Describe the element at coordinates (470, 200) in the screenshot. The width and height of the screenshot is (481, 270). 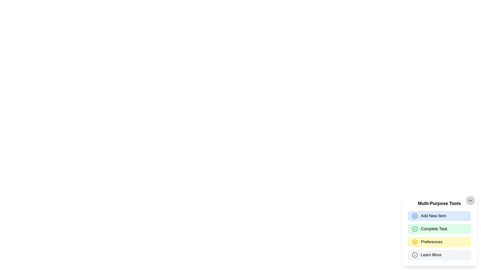
I see `the Icon button located in the top right corner of the 'Multi-Purpose Tools' box` at that location.